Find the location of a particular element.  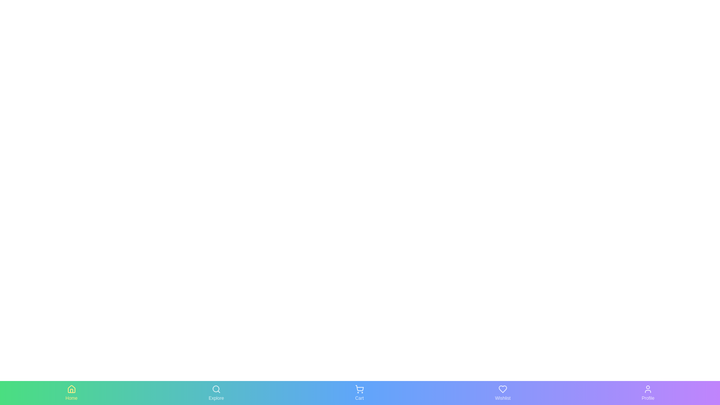

the Profile tab by clicking on it is located at coordinates (648, 393).